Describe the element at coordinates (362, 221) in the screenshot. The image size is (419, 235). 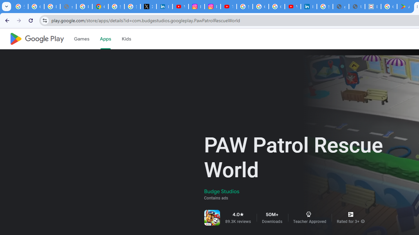
I see `'More info about this content rating'` at that location.